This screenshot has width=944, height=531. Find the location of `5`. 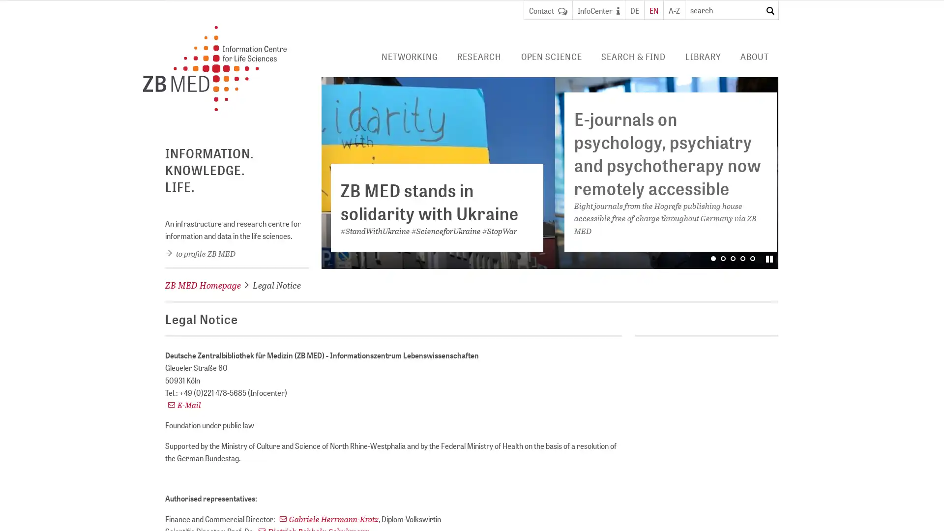

5 is located at coordinates (752, 257).